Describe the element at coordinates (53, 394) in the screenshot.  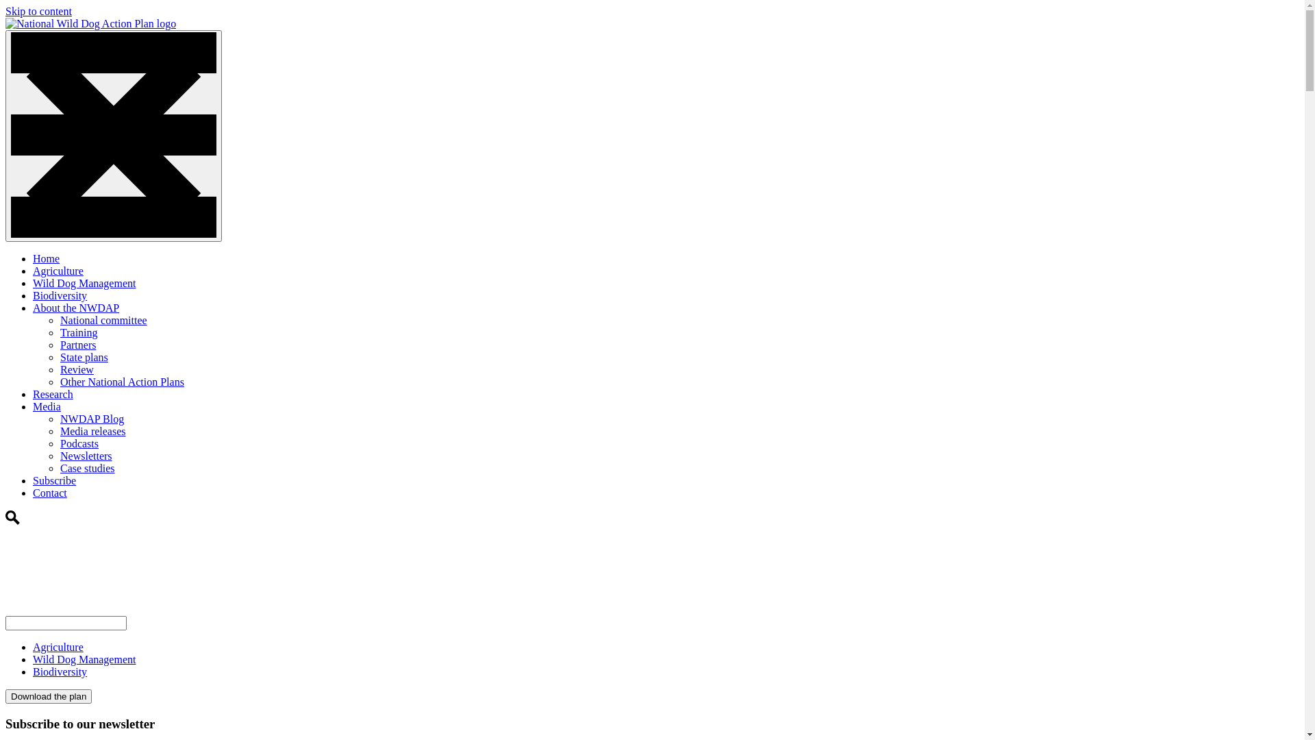
I see `'Research'` at that location.